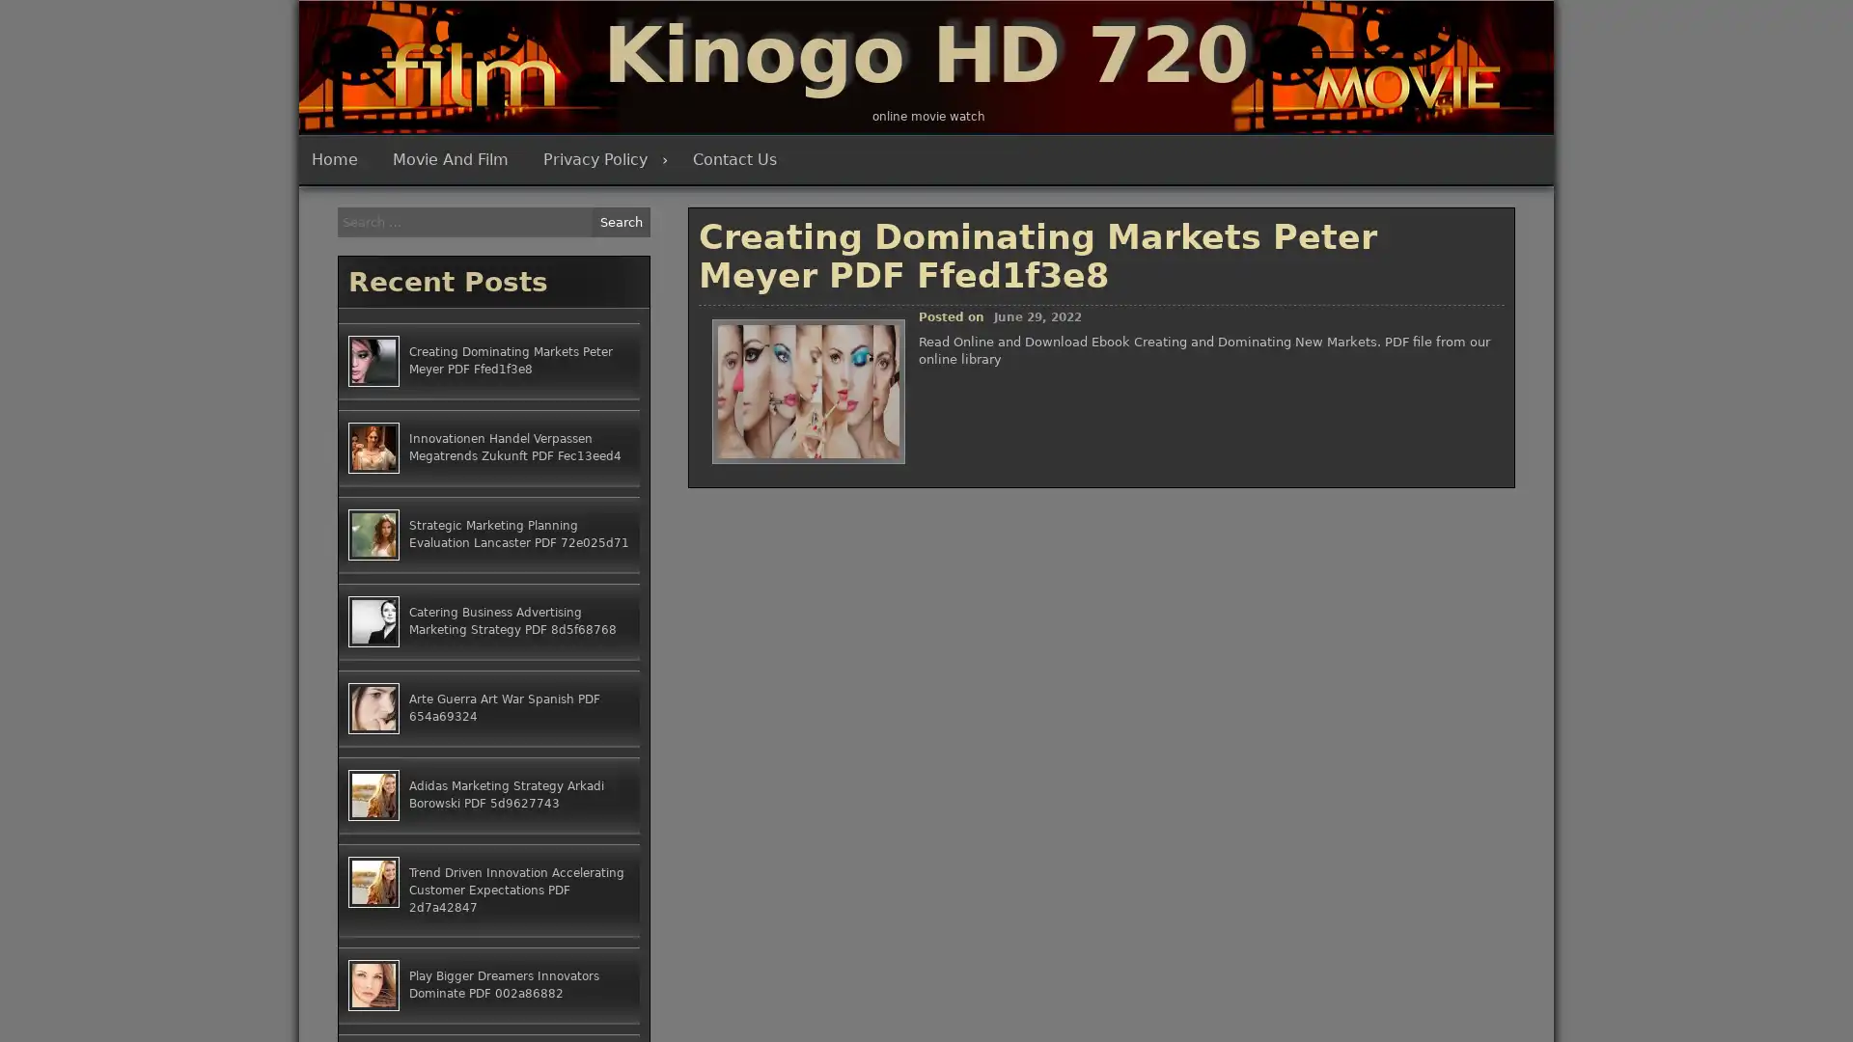 Image resolution: width=1853 pixels, height=1042 pixels. What do you see at coordinates (621, 221) in the screenshot?
I see `Search` at bounding box center [621, 221].